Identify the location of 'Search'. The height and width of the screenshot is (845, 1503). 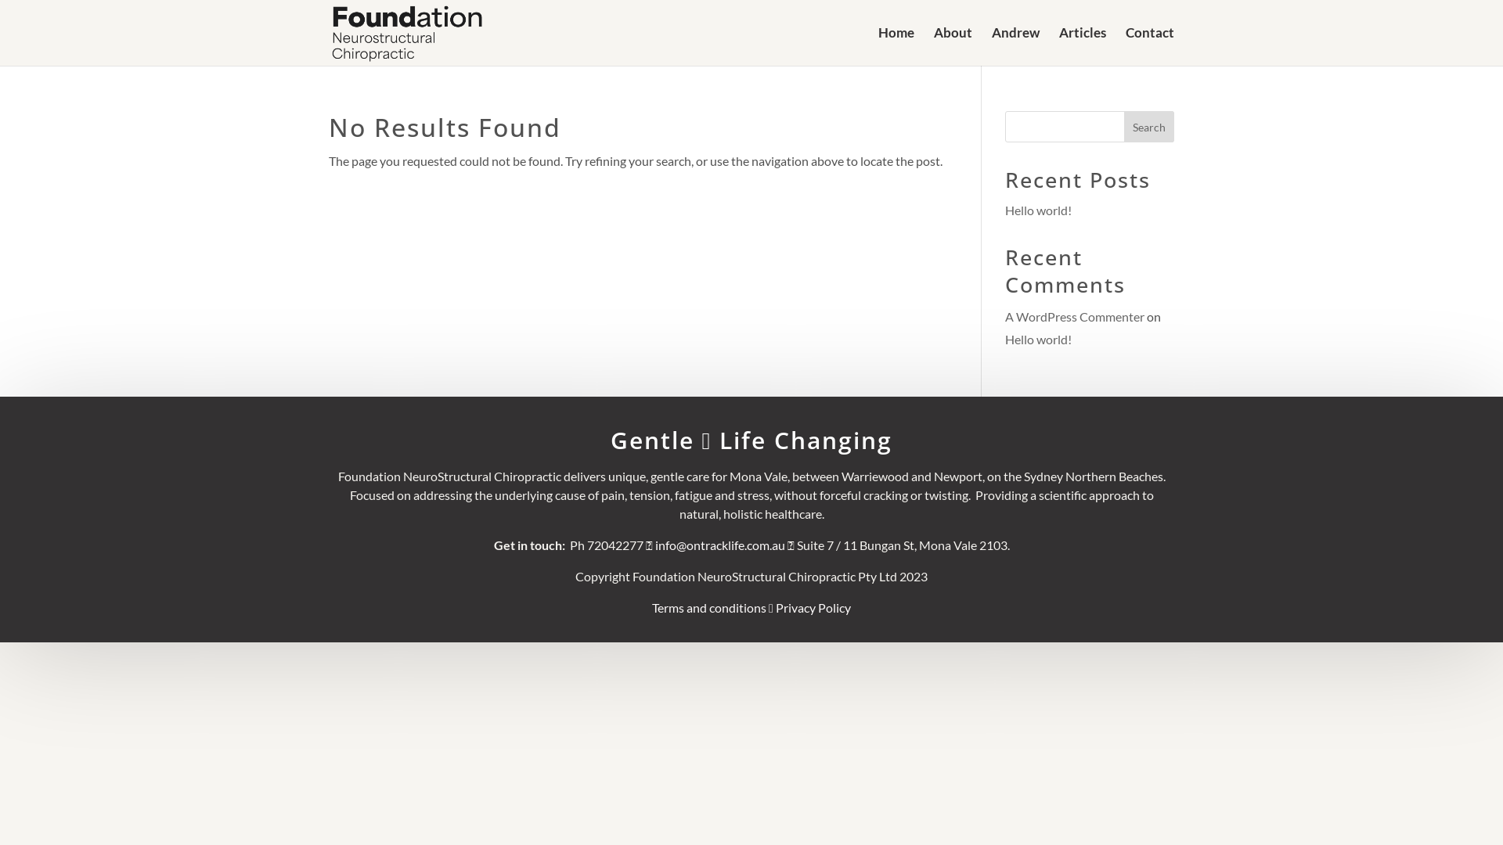
(1149, 126).